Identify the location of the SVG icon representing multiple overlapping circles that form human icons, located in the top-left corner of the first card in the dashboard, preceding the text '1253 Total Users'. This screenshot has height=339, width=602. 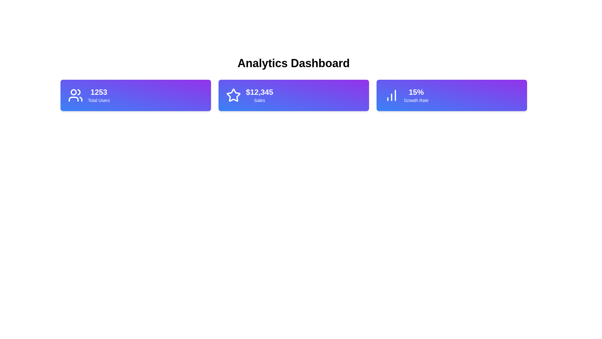
(75, 95).